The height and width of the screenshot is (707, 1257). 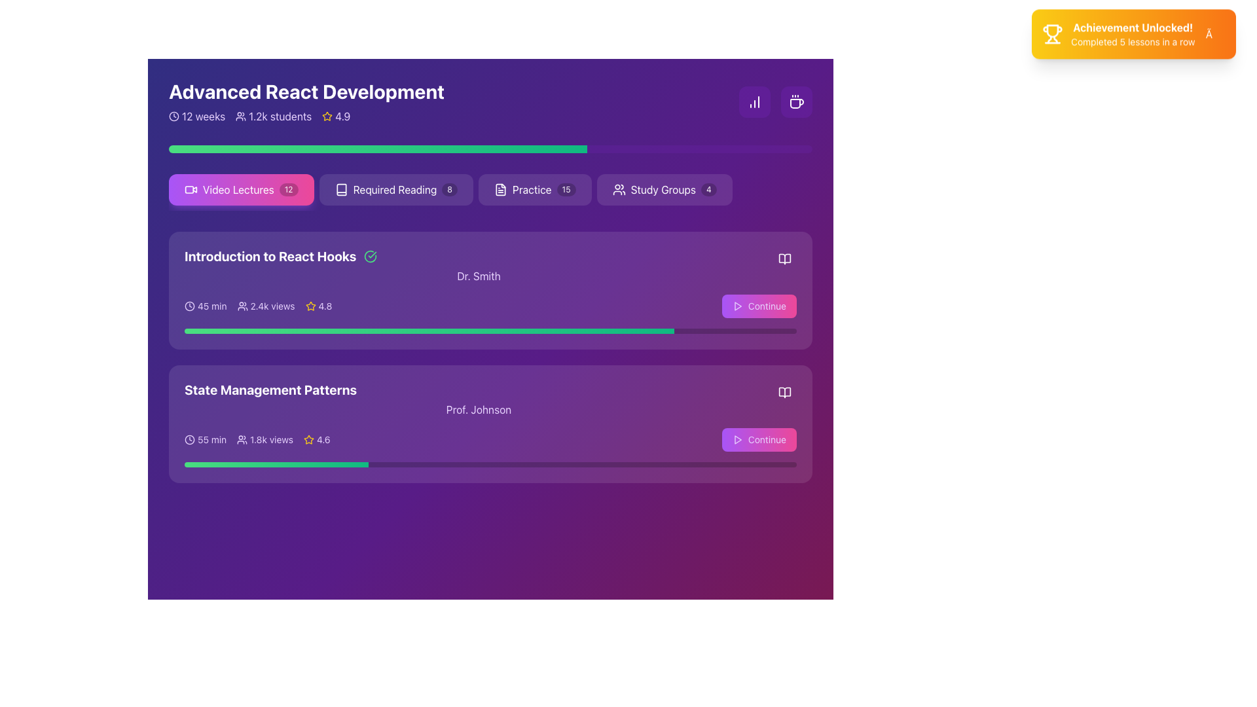 I want to click on slider value, so click(x=649, y=330).